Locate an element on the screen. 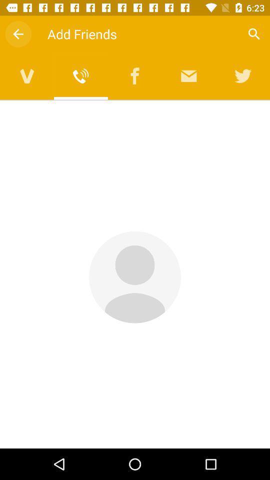 This screenshot has width=270, height=480. the twitter icon is located at coordinates (242, 75).